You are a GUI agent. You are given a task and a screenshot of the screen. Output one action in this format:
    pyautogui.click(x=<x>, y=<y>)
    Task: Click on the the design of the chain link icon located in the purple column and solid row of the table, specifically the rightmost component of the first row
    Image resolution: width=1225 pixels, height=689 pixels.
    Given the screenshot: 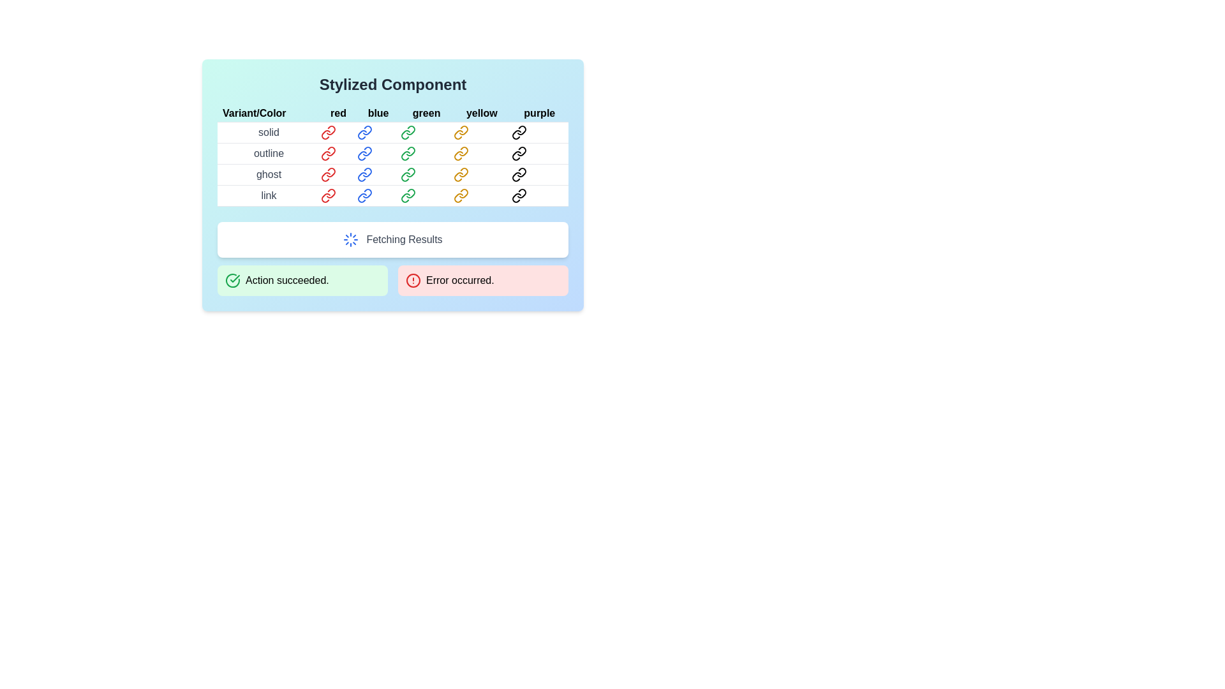 What is the action you would take?
    pyautogui.click(x=521, y=130)
    